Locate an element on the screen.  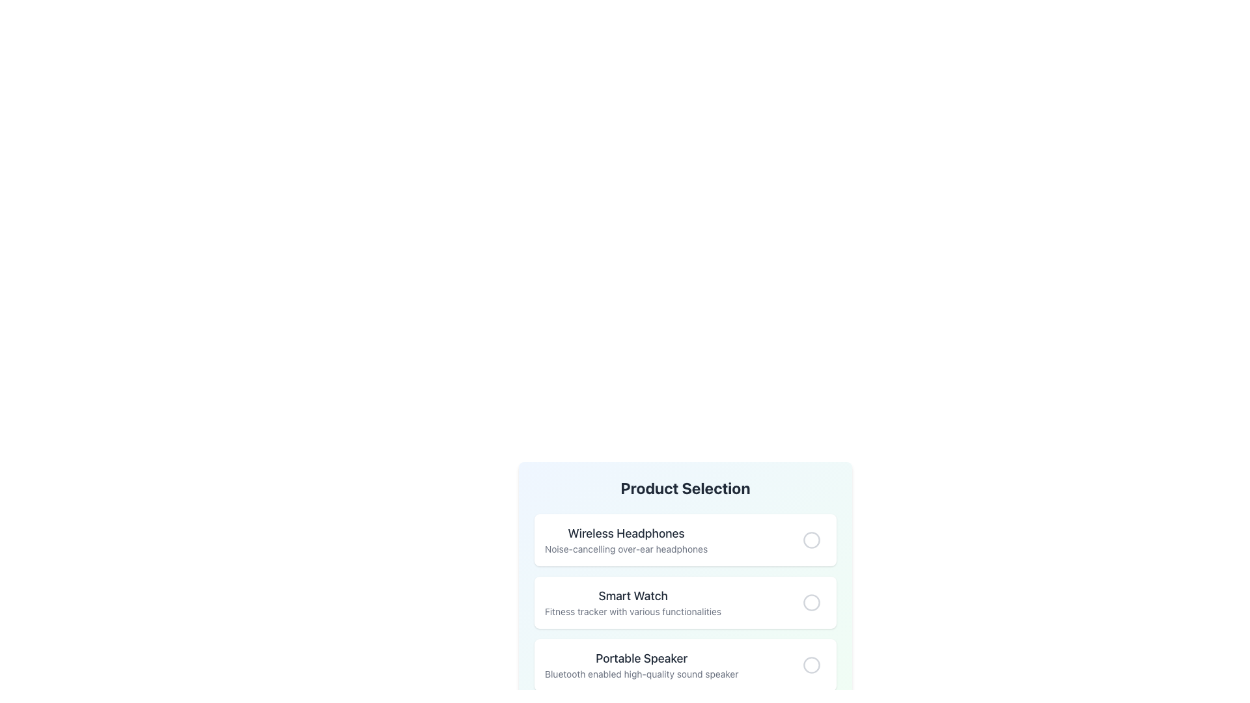
the text block displaying 'Smart Watch' and its description to focus on it is located at coordinates (633, 602).